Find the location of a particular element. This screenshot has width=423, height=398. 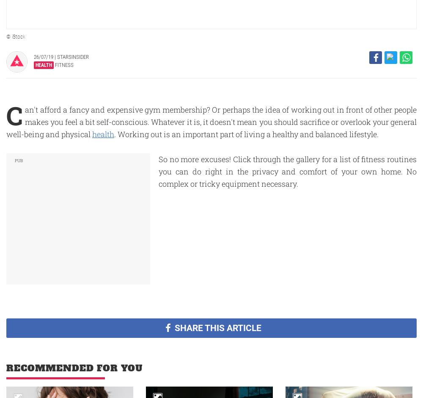

'C' is located at coordinates (6, 115).